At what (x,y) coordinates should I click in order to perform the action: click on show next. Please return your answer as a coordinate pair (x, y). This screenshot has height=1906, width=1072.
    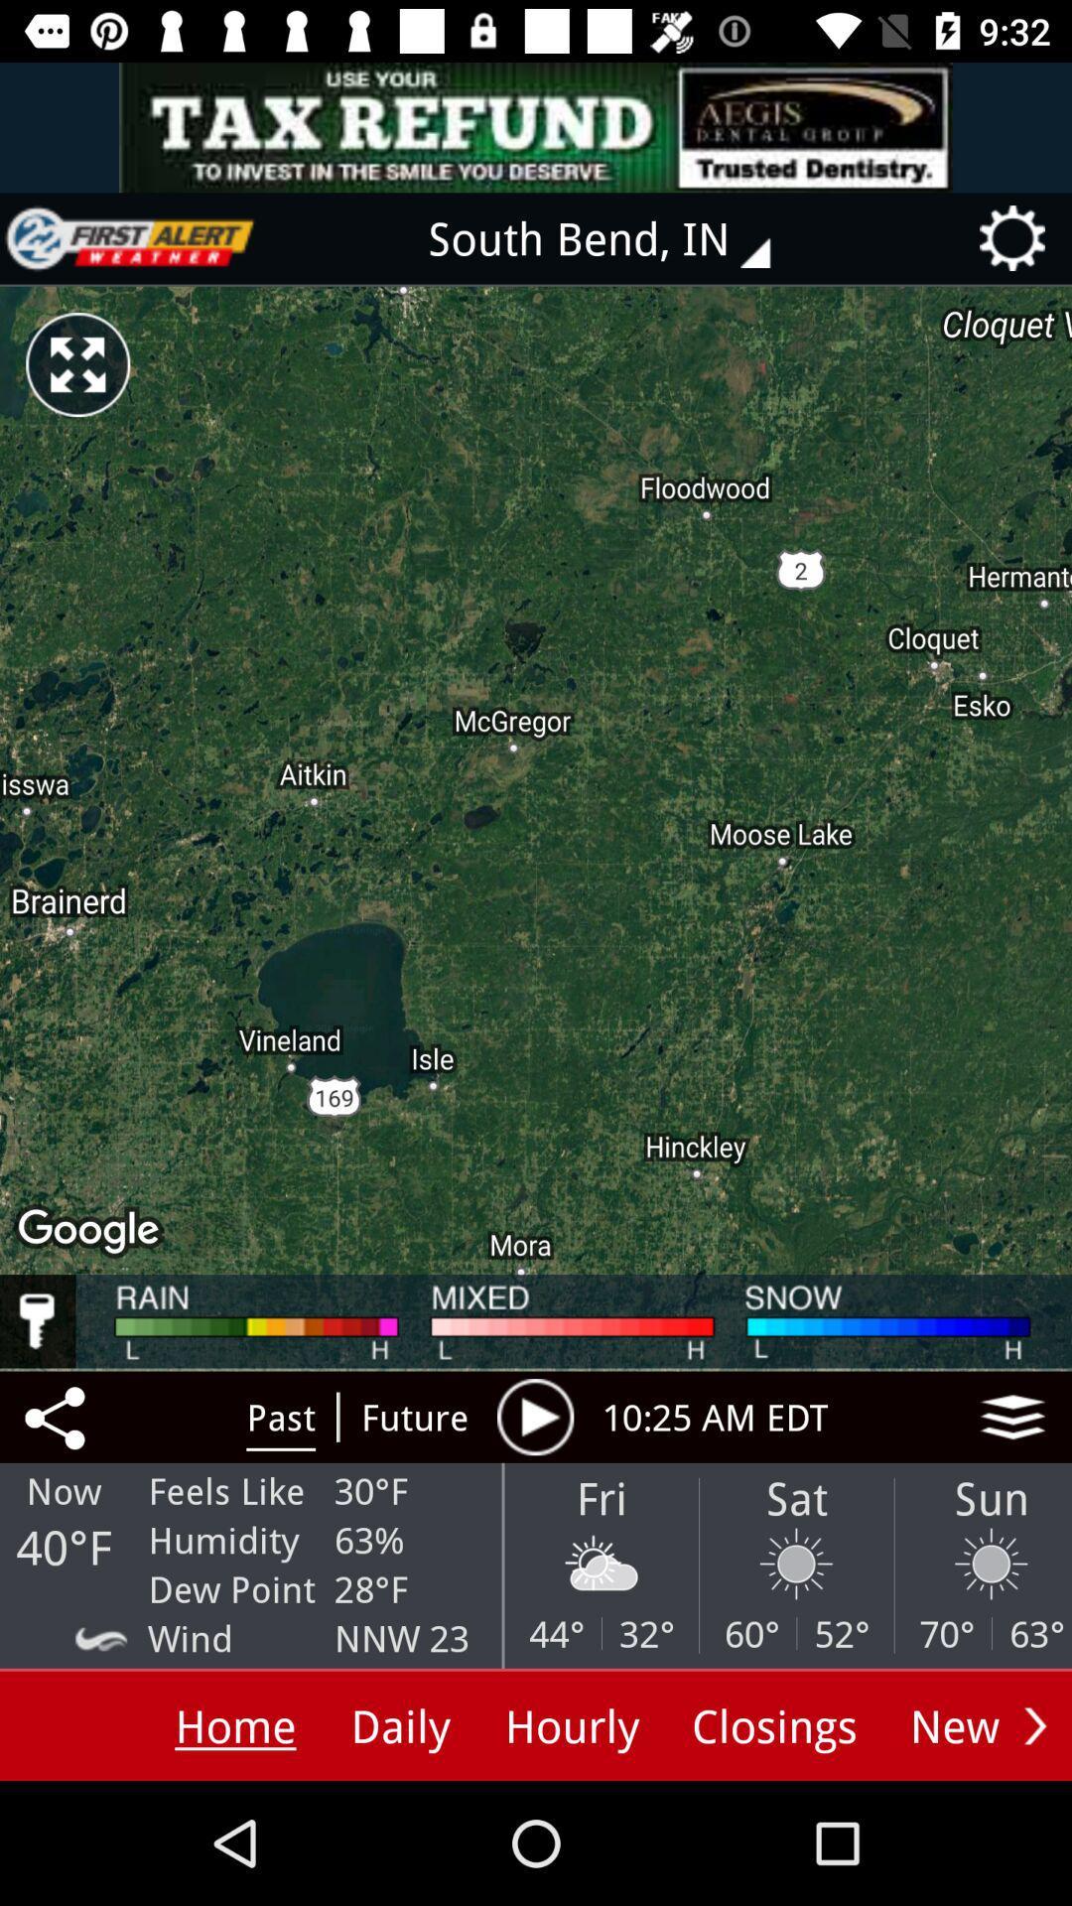
    Looking at the image, I should click on (1034, 1724).